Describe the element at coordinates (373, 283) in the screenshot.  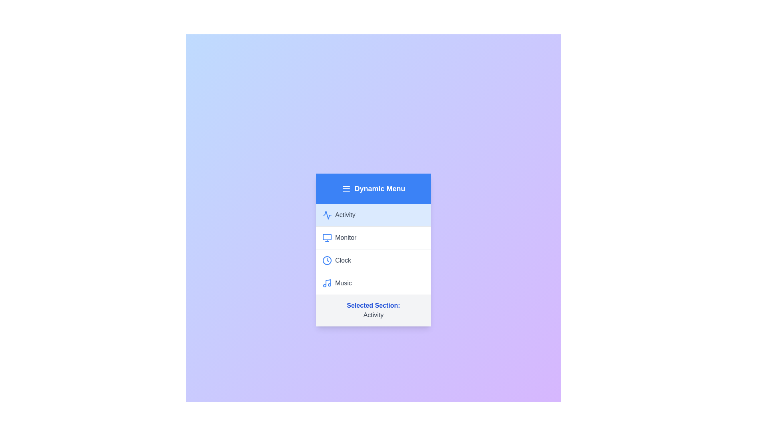
I see `the menu item Music to switch the active section` at that location.